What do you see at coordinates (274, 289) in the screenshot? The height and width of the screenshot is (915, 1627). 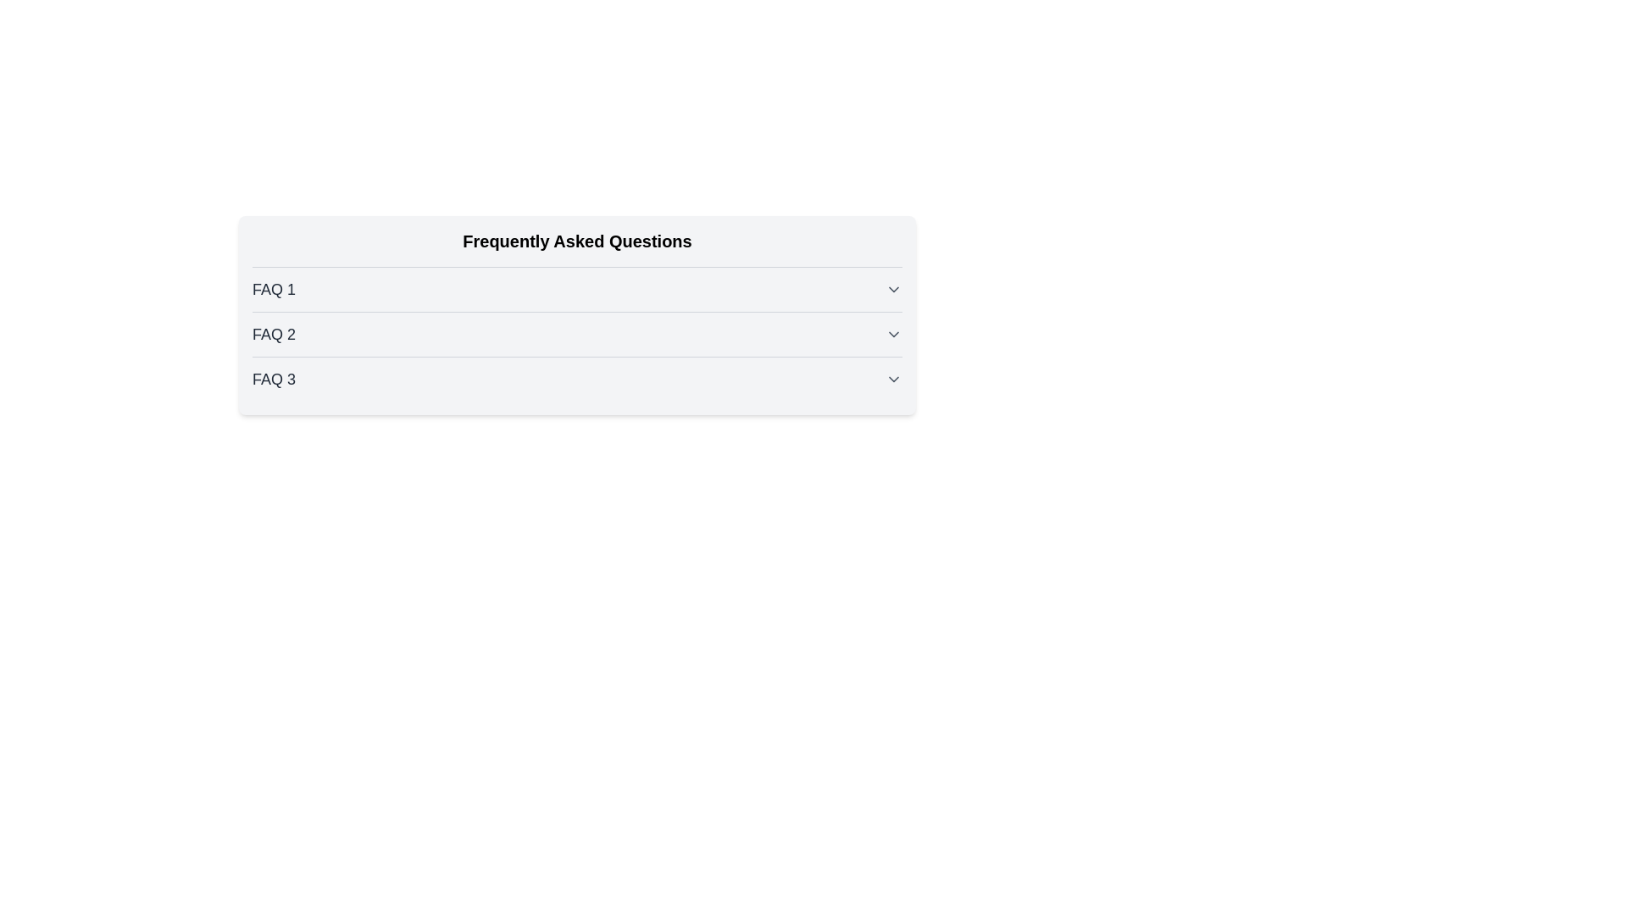 I see `the text label element displaying 'FAQ 1', which is the first item in the vertical list under 'Frequently Asked Questions'` at bounding box center [274, 289].